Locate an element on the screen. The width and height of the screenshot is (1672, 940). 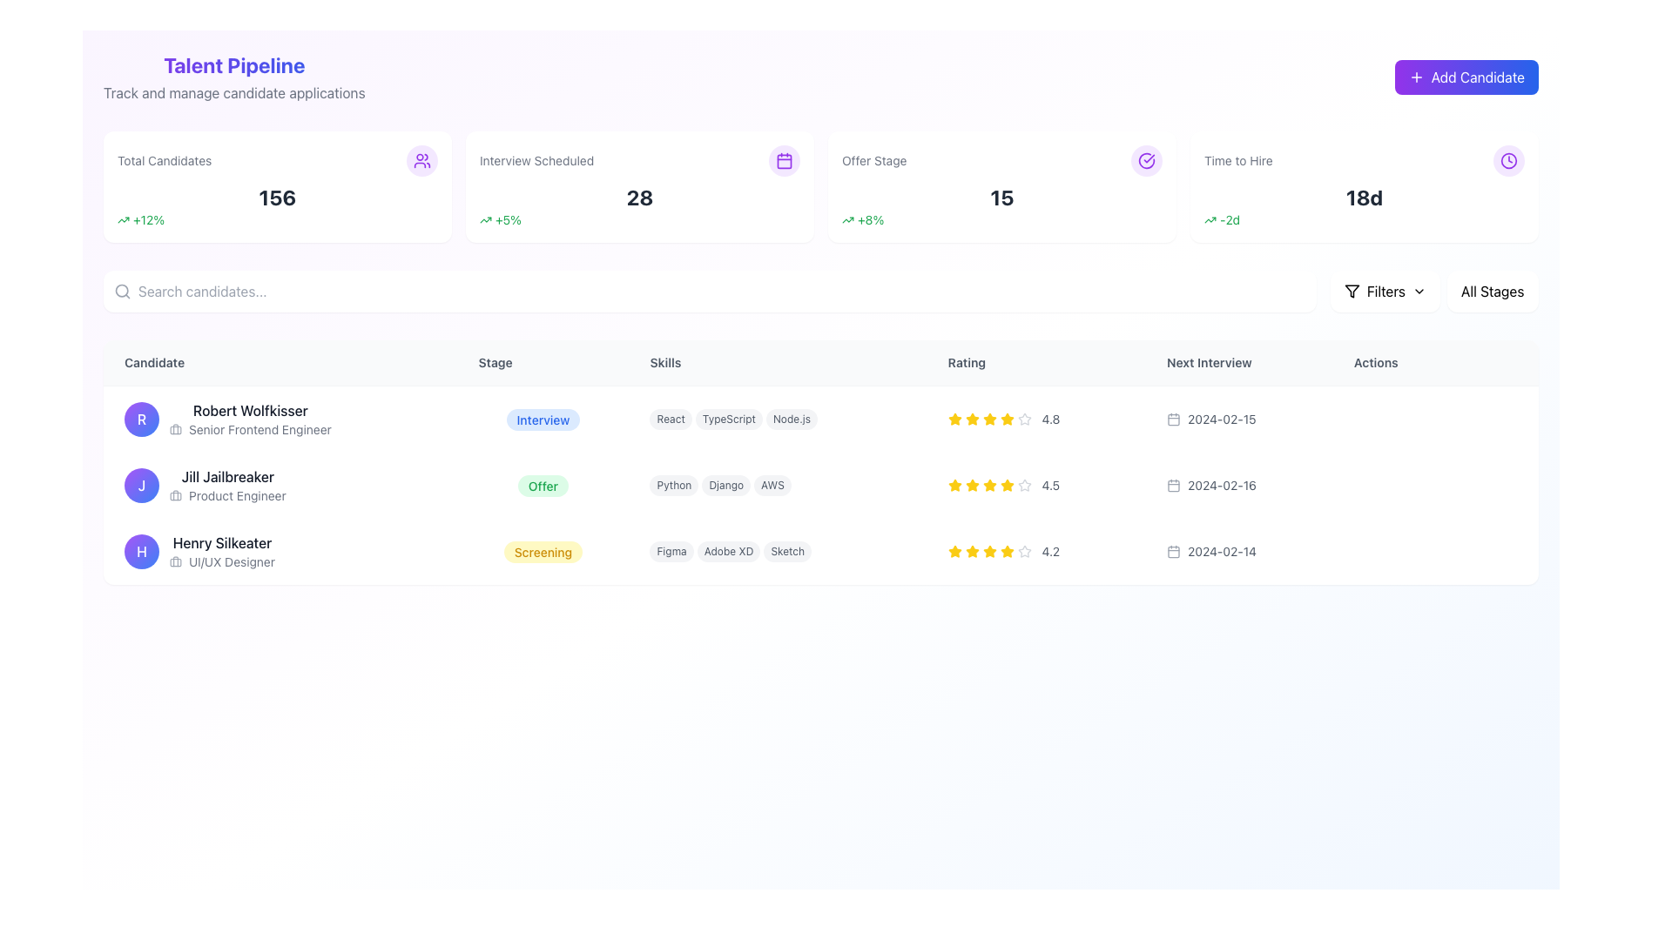
the large bold text displaying the number '15' which is centered within the 'Offer Stage' card, specifically the third card from the left is located at coordinates (1002, 197).